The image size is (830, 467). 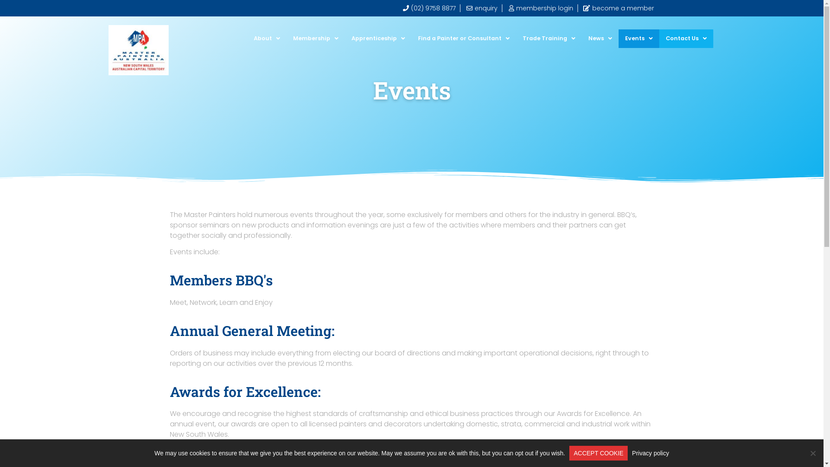 What do you see at coordinates (539, 8) in the screenshot?
I see `'membership login'` at bounding box center [539, 8].